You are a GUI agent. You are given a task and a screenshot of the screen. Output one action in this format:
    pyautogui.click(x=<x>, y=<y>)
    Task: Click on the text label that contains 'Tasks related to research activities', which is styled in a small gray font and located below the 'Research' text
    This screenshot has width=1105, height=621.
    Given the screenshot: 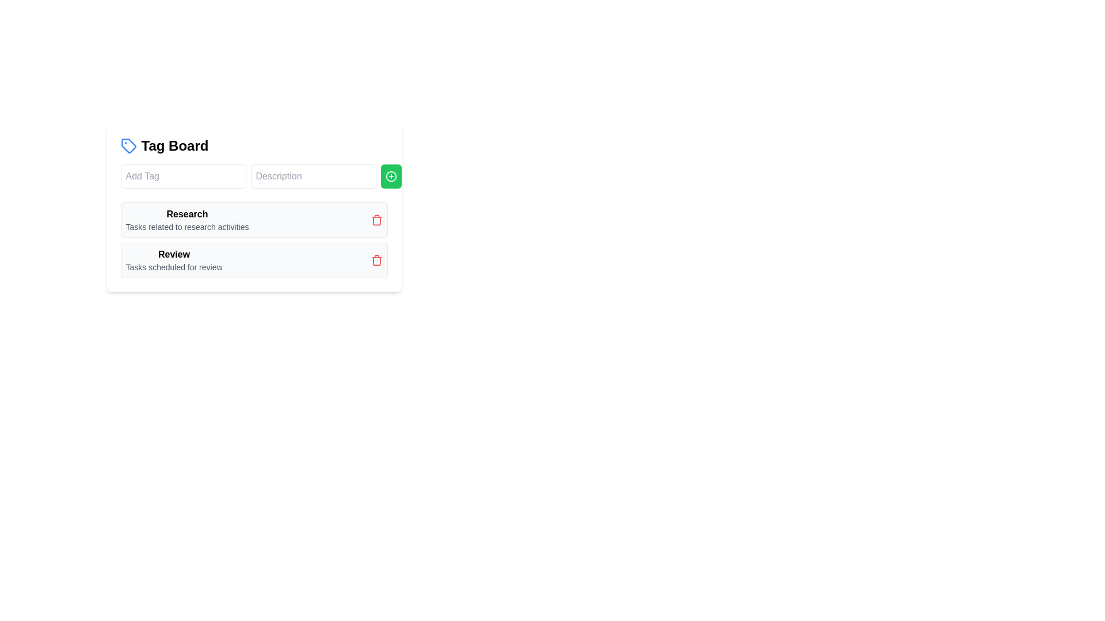 What is the action you would take?
    pyautogui.click(x=187, y=227)
    